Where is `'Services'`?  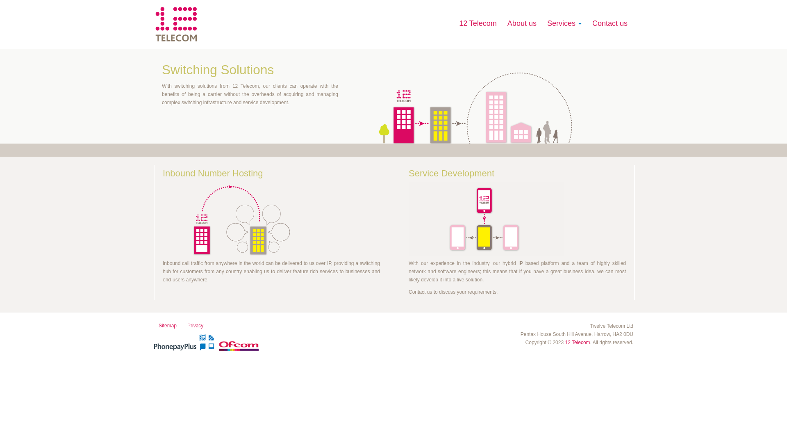 'Services' is located at coordinates (542, 23).